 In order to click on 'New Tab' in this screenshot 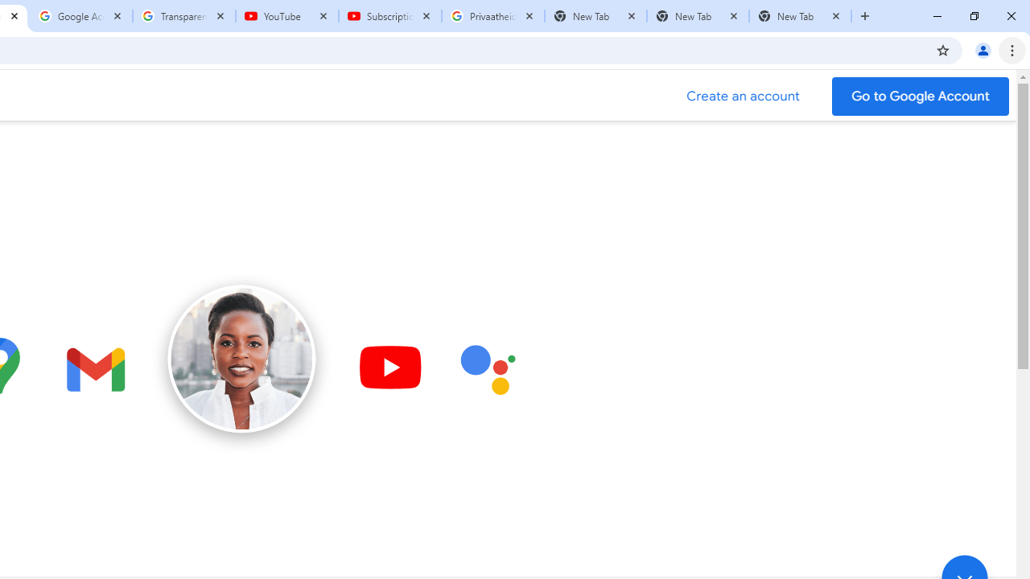, I will do `click(800, 16)`.